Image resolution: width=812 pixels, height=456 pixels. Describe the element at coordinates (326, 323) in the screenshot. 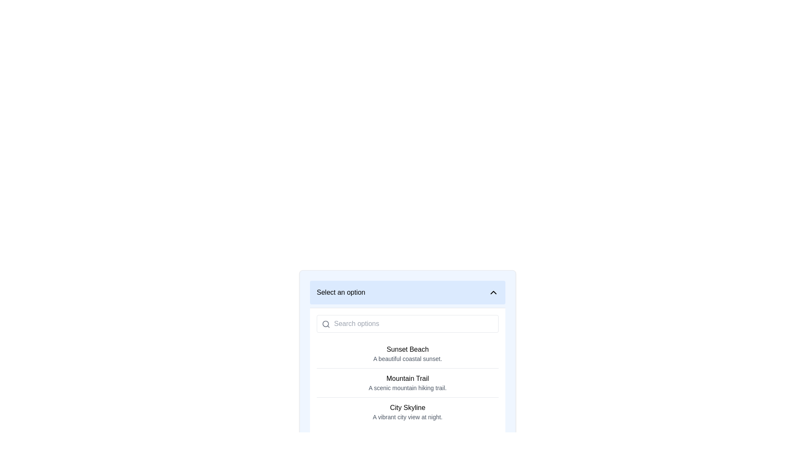

I see `the search icon located on the left side of the text input field, adjacent to the 'Search options' placeholder` at that location.